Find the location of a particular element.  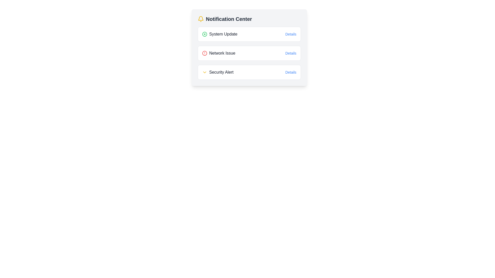

text displayed in the Header element of the notification panel, which is located at the top of the panel above the items 'System Update,' 'Network Issue,' and 'Security Alert.' is located at coordinates (249, 19).